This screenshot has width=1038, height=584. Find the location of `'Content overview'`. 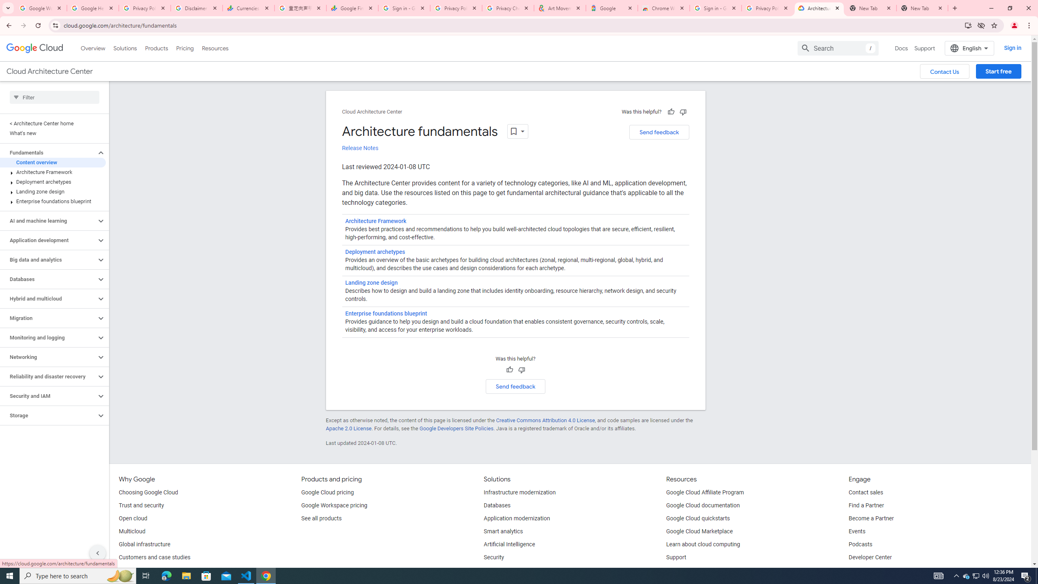

'Content overview' is located at coordinates (53, 163).